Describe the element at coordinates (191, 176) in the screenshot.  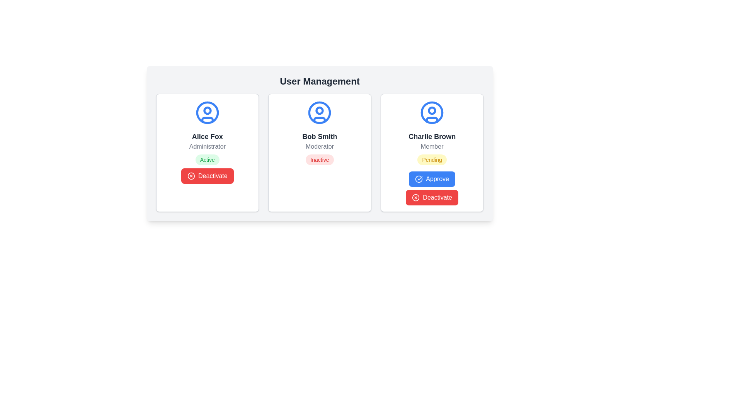
I see `the 'Deactivate' icon located inside the red 'Deactivate' button in the bottom-left corner of the card for user 'Alice Fox'` at that location.